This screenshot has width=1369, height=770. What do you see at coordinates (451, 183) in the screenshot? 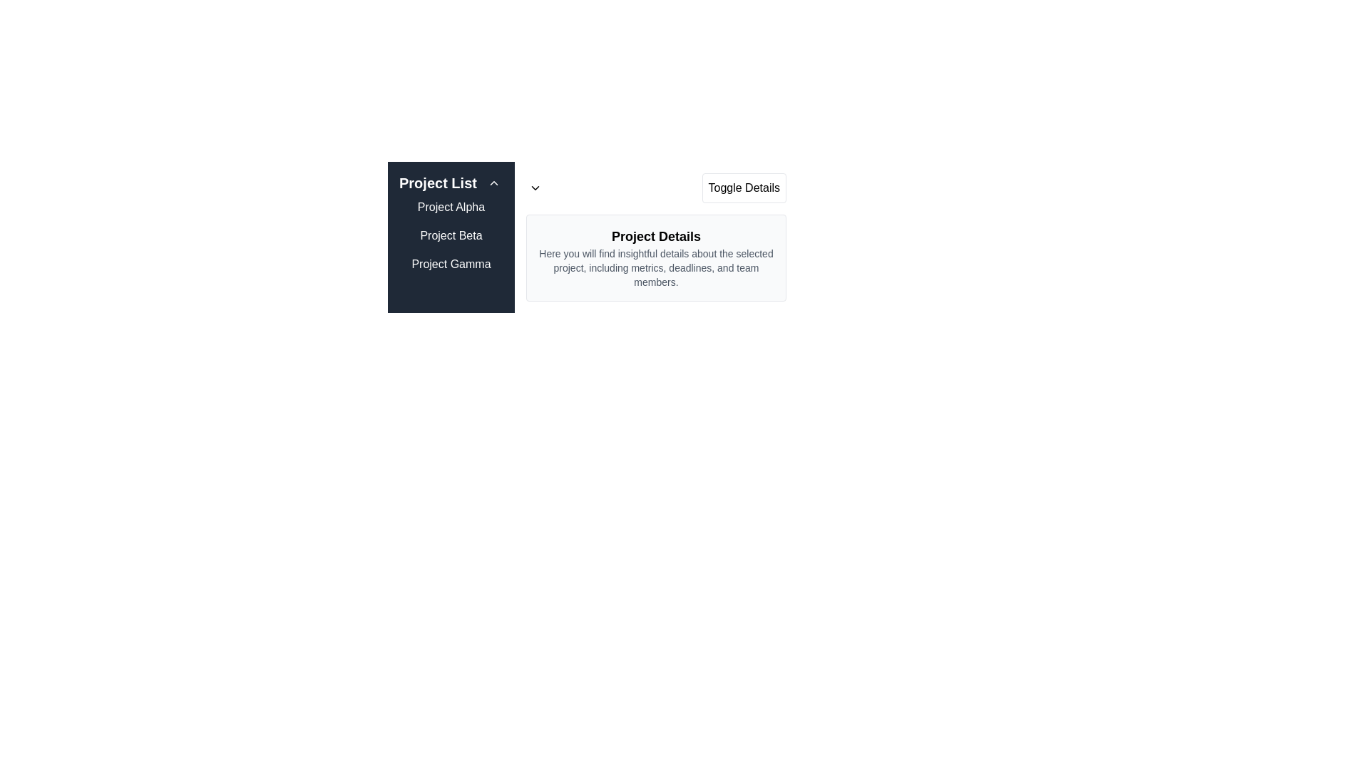
I see `the 'Project List' header with toggle functionality` at bounding box center [451, 183].